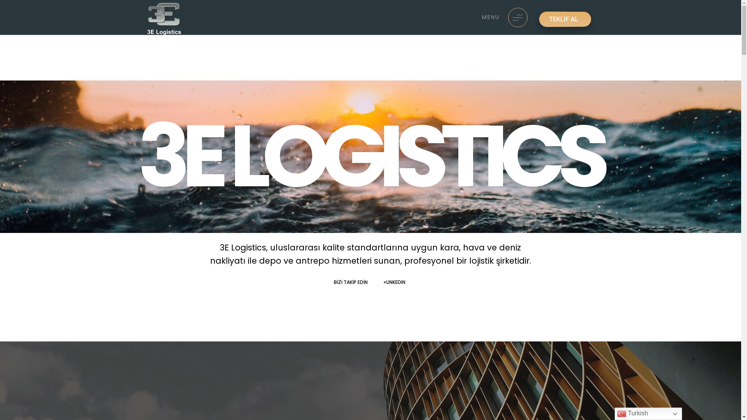 The width and height of the screenshot is (747, 420). Describe the element at coordinates (395, 282) in the screenshot. I see `'+LINKEDIN'` at that location.